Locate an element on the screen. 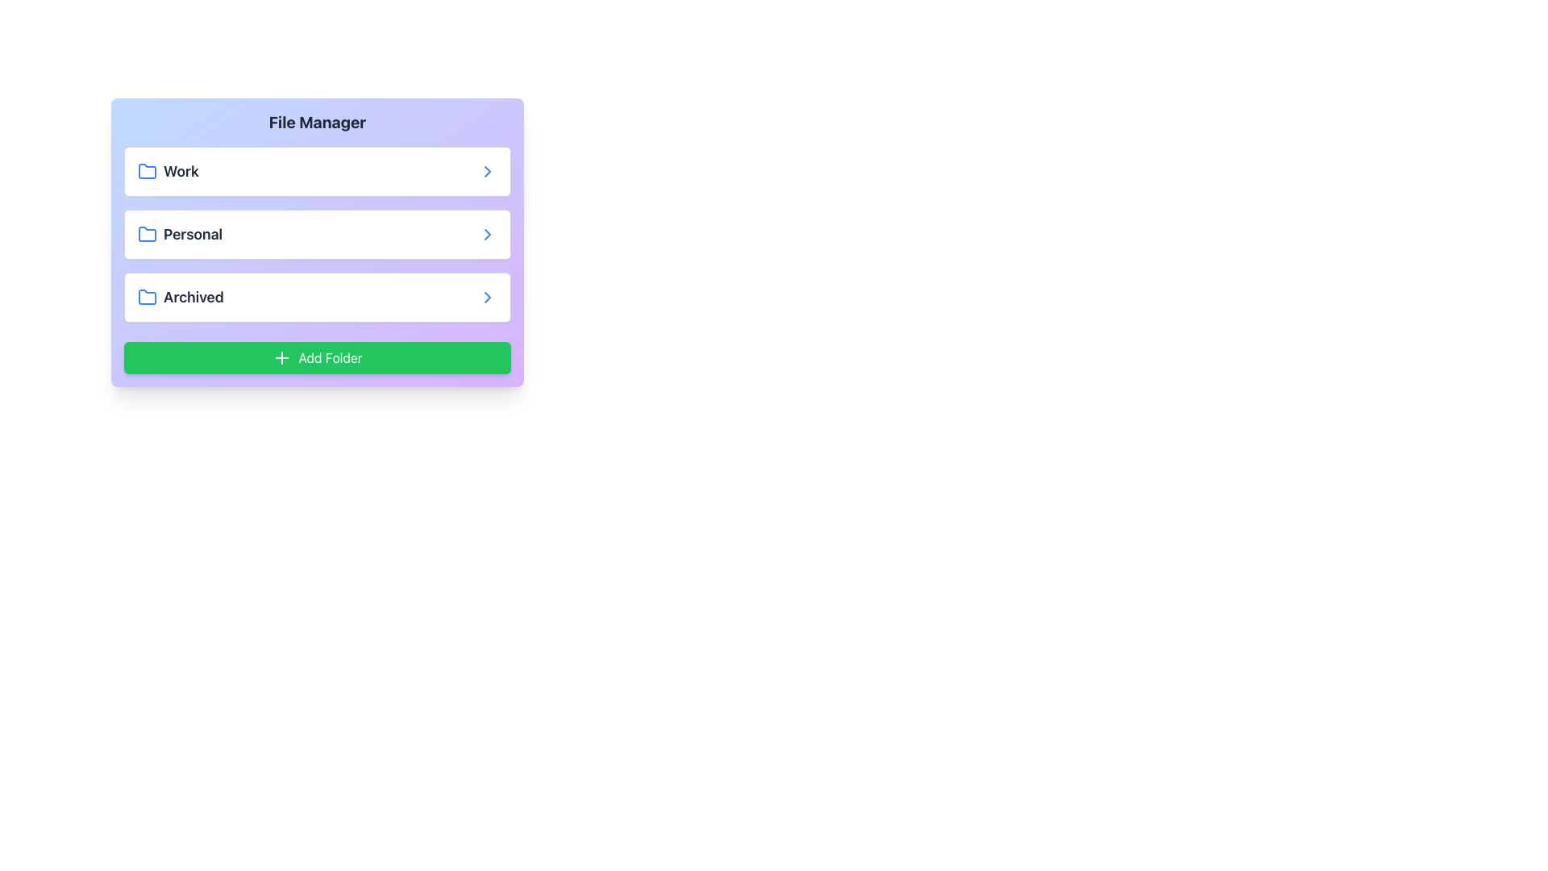 The height and width of the screenshot is (871, 1548). the 'Work' folder option in the first row of the File Manager panel is located at coordinates (168, 171).